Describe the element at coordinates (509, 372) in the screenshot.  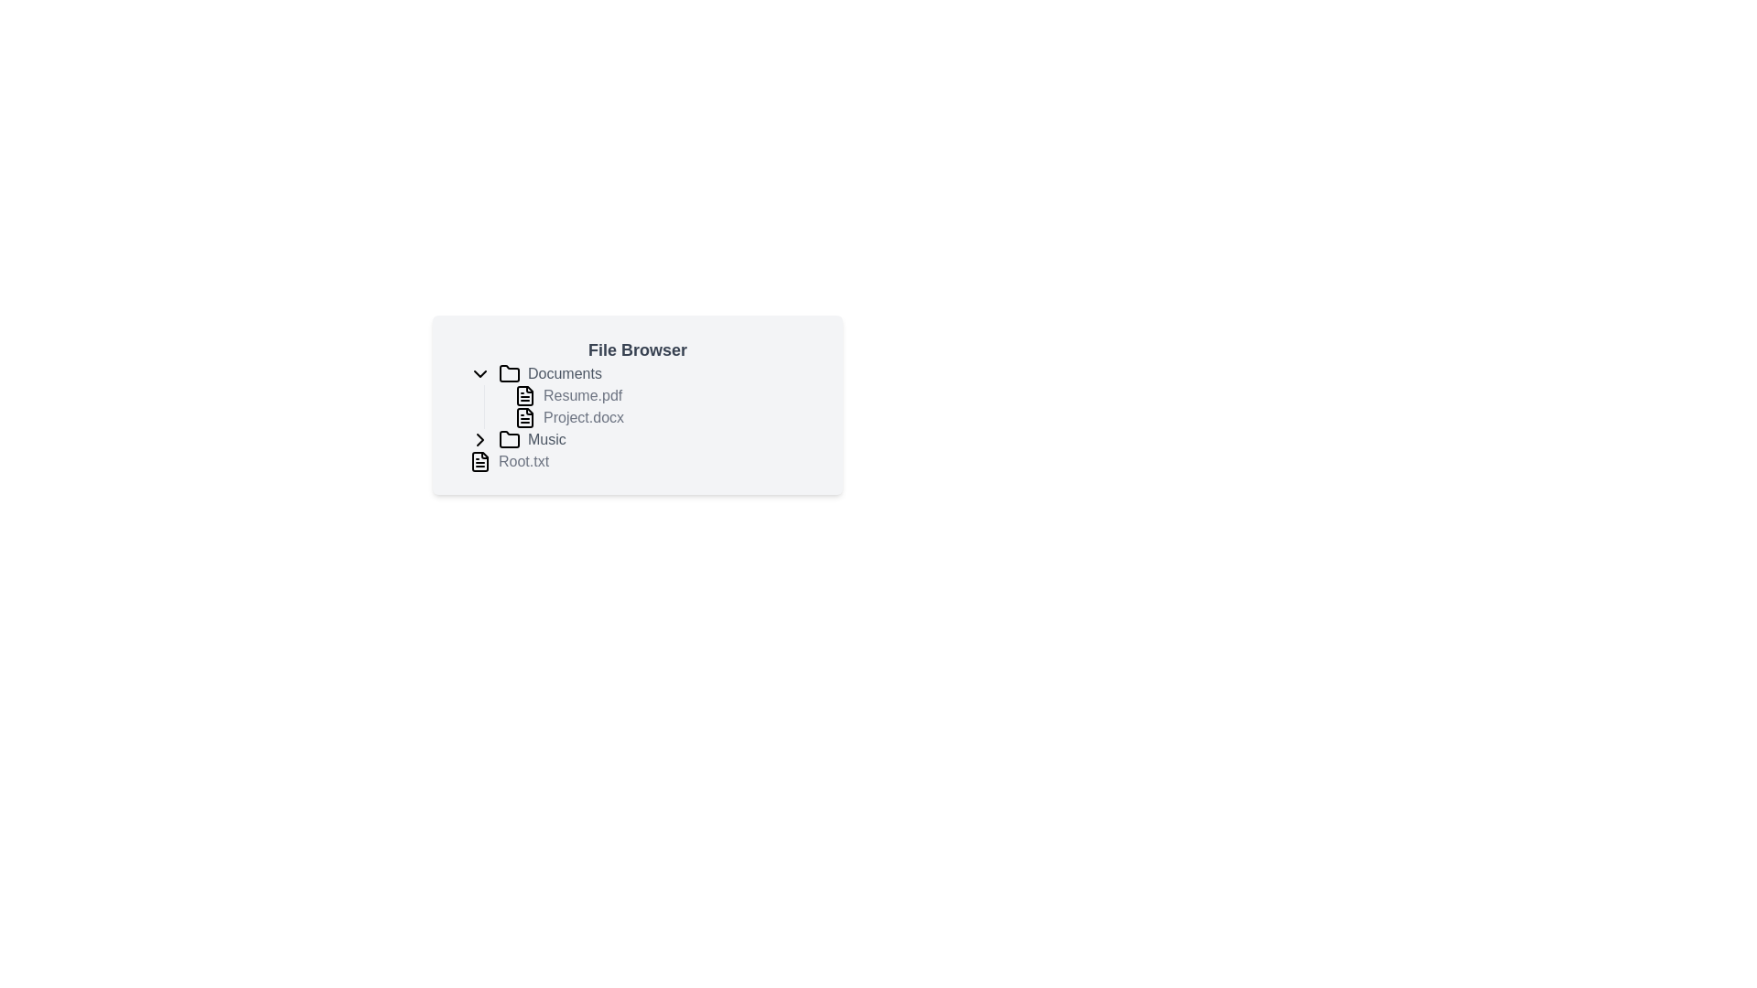
I see `the folder icon in the file browser interface, which is styled as a minimalistic folder with a left-side tab, positioned to the left of the 'Documents' label` at that location.